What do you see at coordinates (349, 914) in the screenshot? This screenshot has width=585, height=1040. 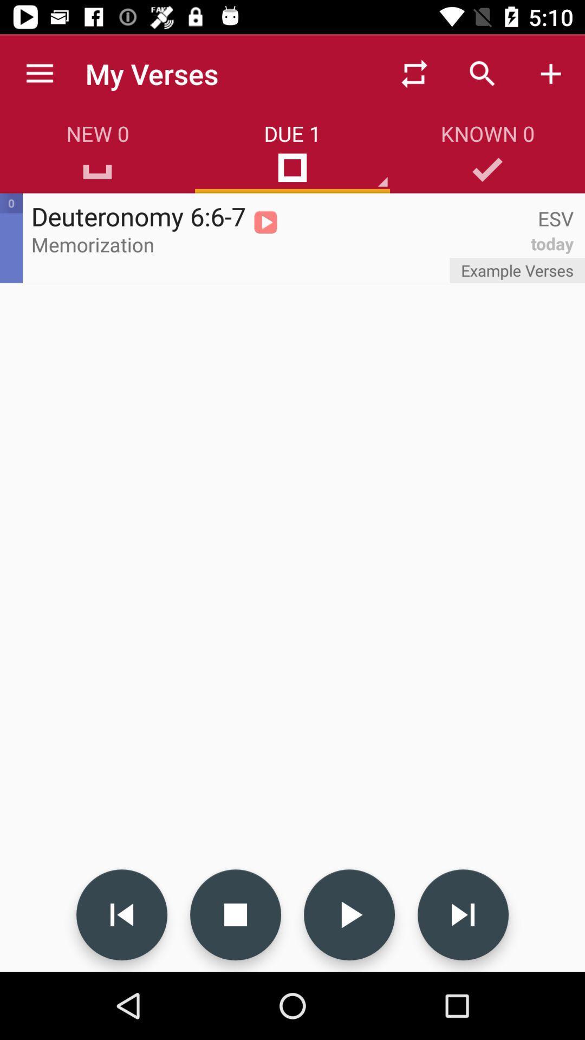 I see `play` at bounding box center [349, 914].